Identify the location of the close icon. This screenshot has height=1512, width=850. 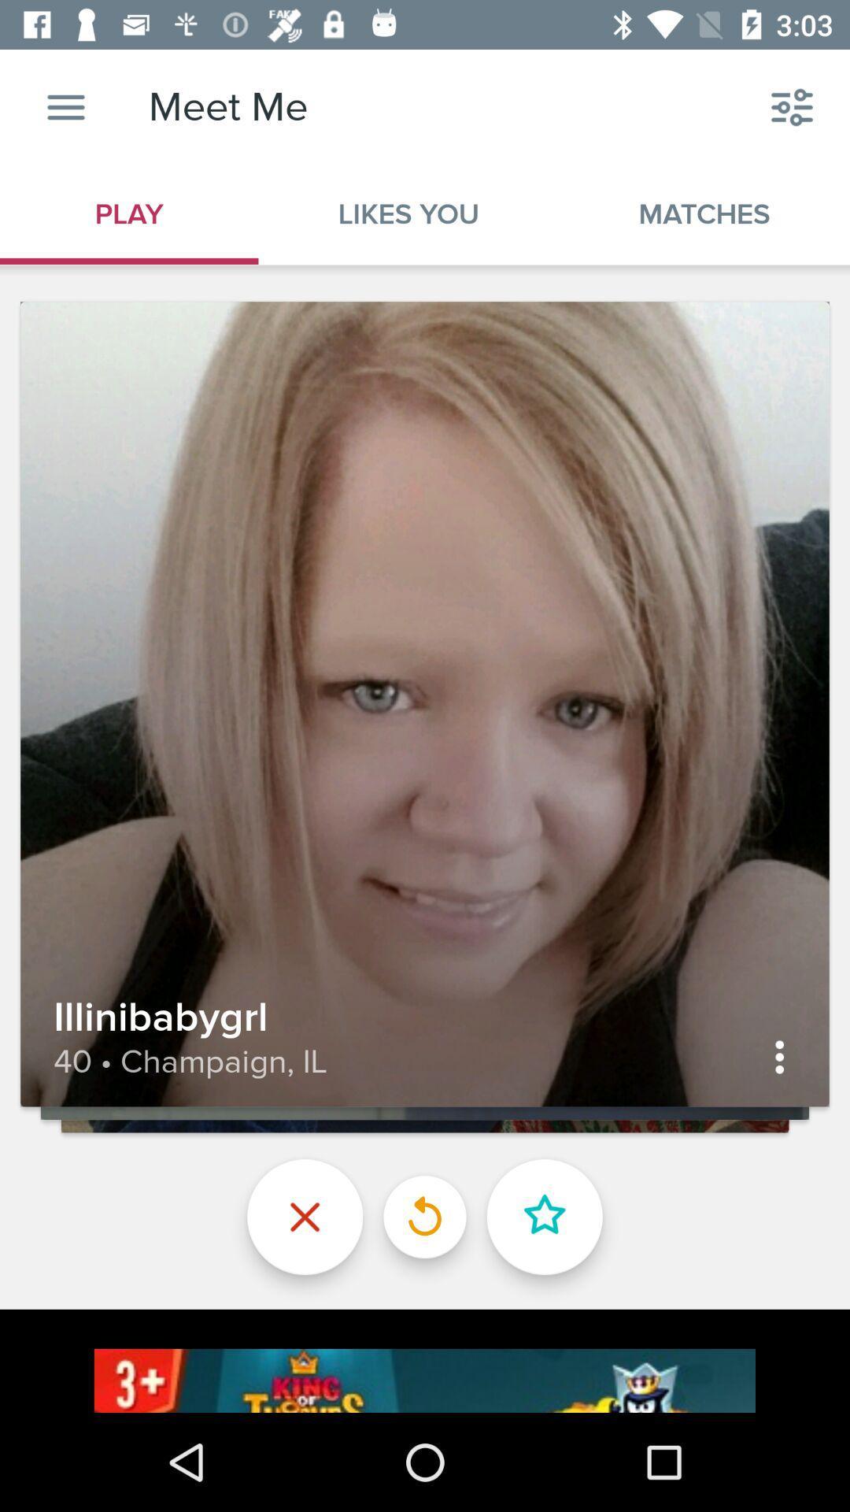
(305, 1216).